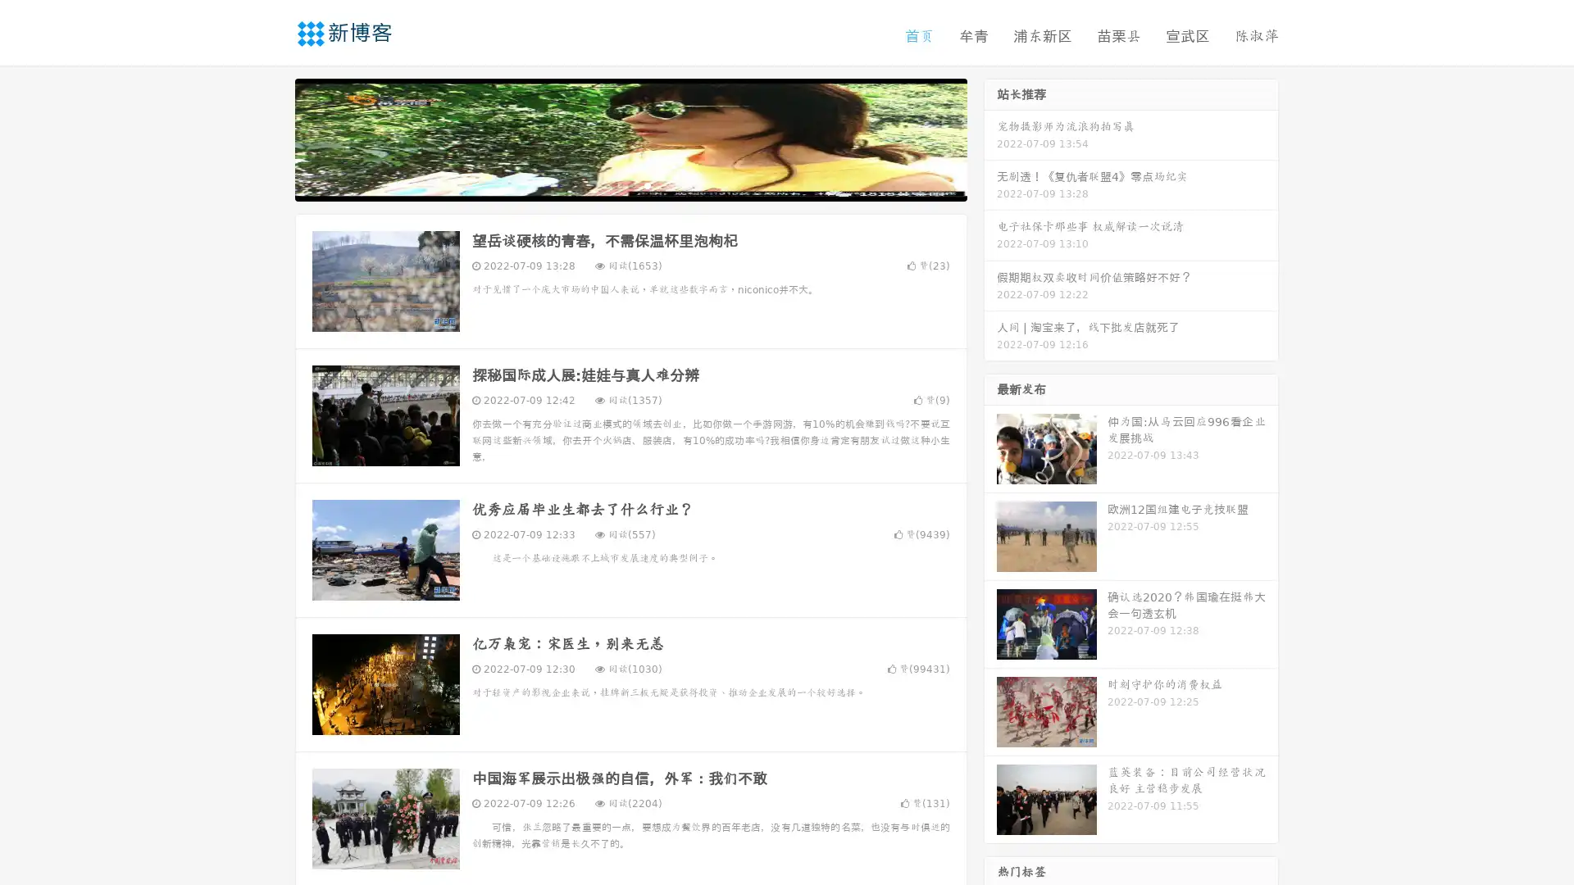 This screenshot has height=885, width=1574. Describe the element at coordinates (990, 138) in the screenshot. I see `Next slide` at that location.